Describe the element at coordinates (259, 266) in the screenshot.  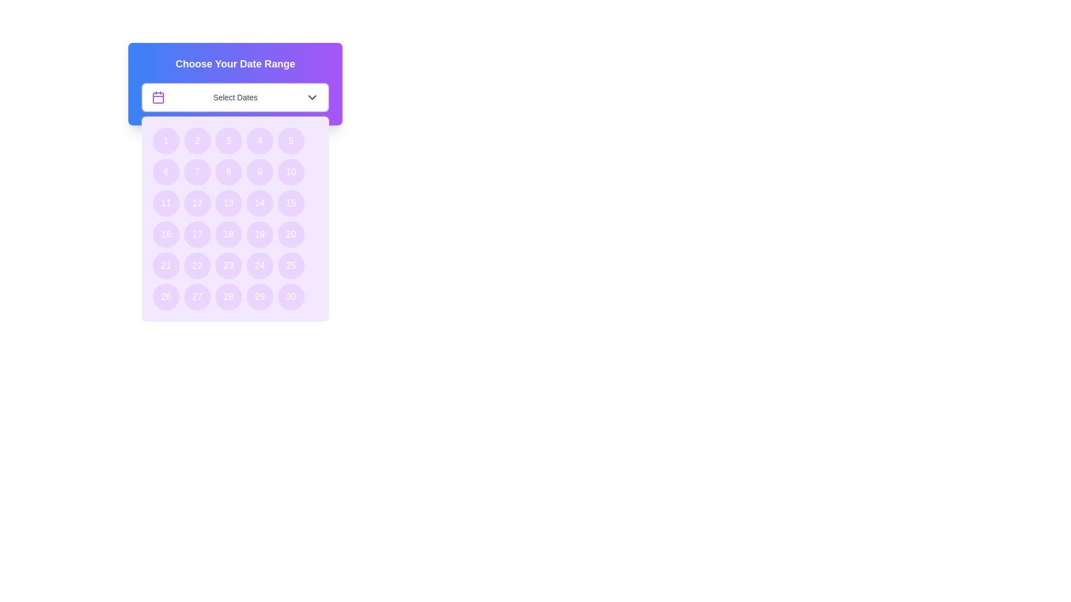
I see `the button representing the selectable date '24' in the calendar interface` at that location.